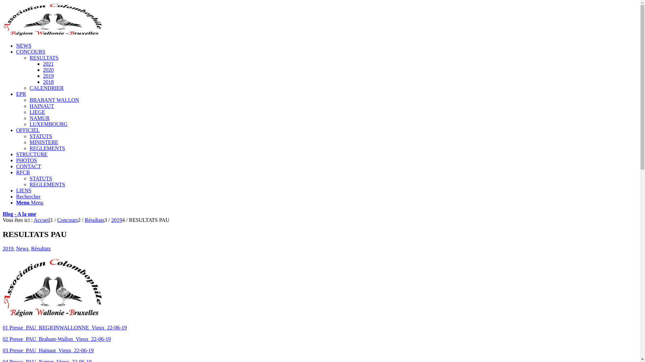  Describe the element at coordinates (67, 220) in the screenshot. I see `'Concours'` at that location.